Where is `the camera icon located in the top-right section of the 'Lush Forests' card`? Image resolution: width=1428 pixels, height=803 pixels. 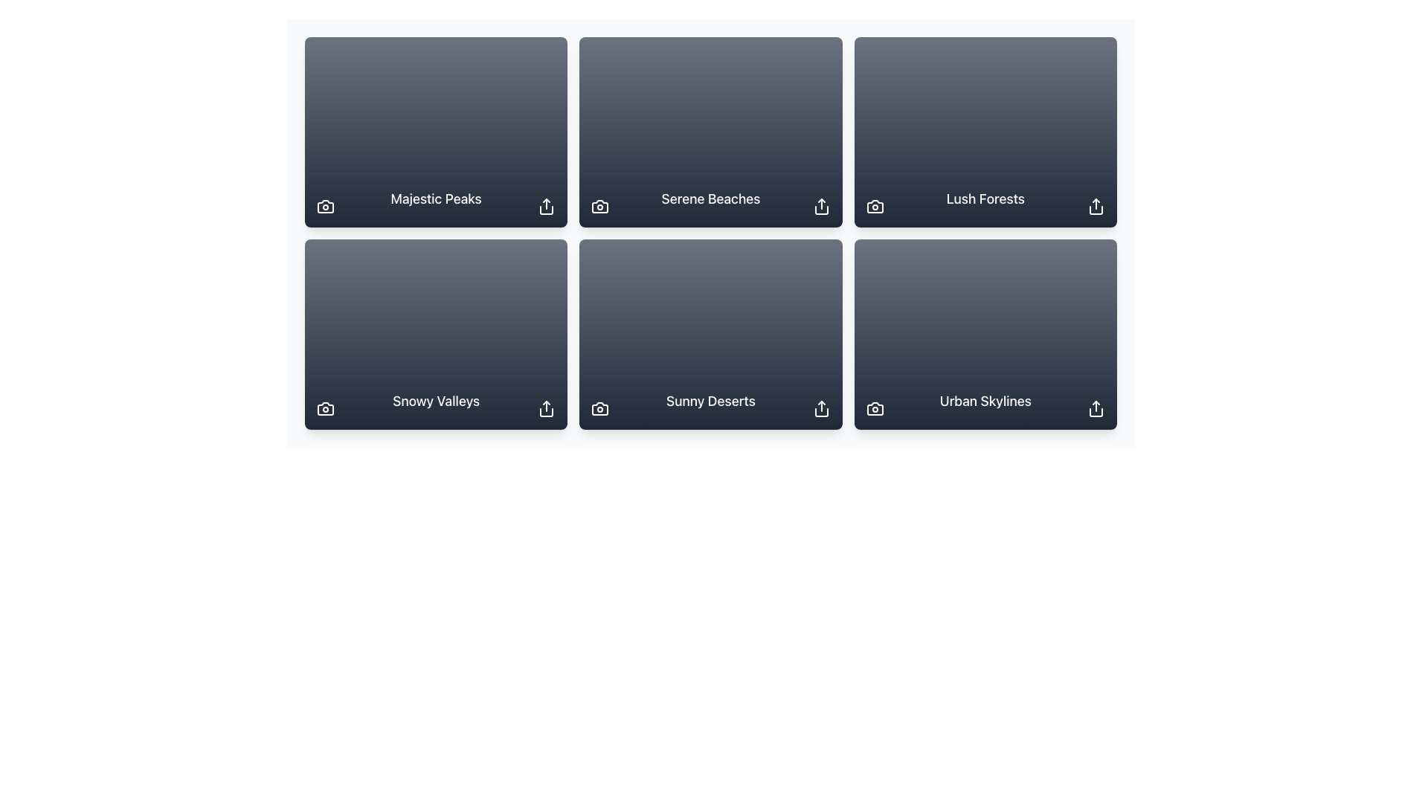 the camera icon located in the top-right section of the 'Lush Forests' card is located at coordinates (875, 206).